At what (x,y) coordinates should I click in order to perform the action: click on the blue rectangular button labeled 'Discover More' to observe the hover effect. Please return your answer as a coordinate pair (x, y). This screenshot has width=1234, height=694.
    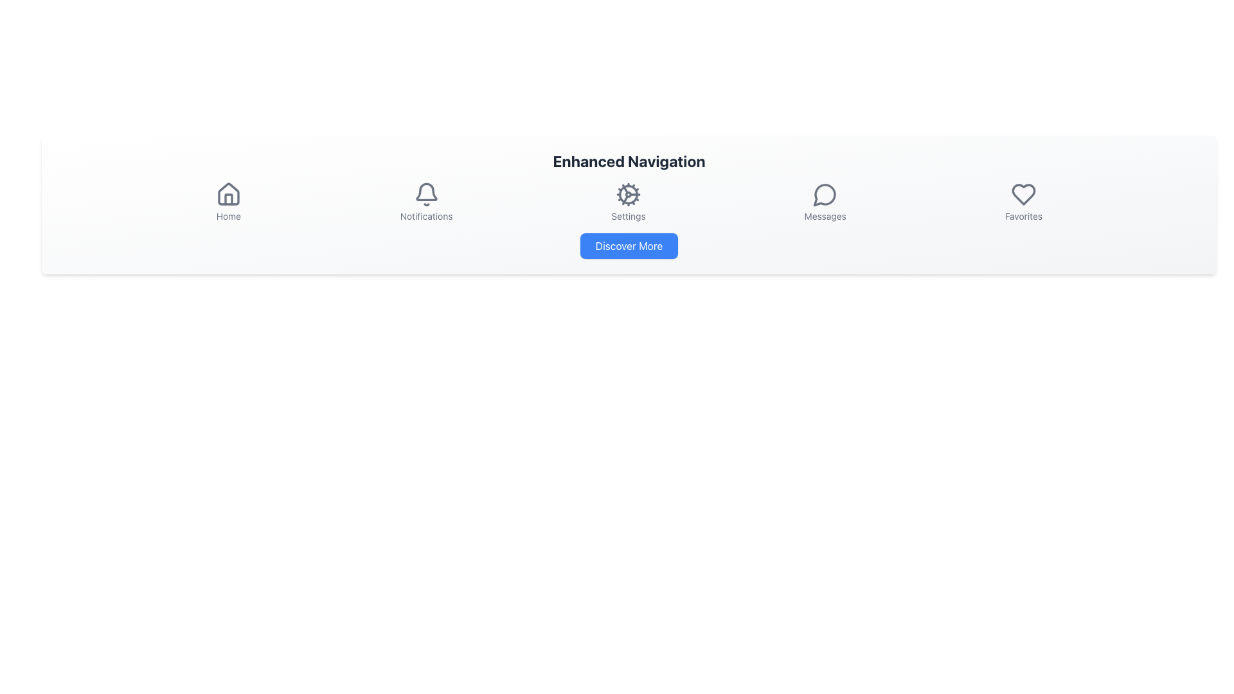
    Looking at the image, I should click on (629, 245).